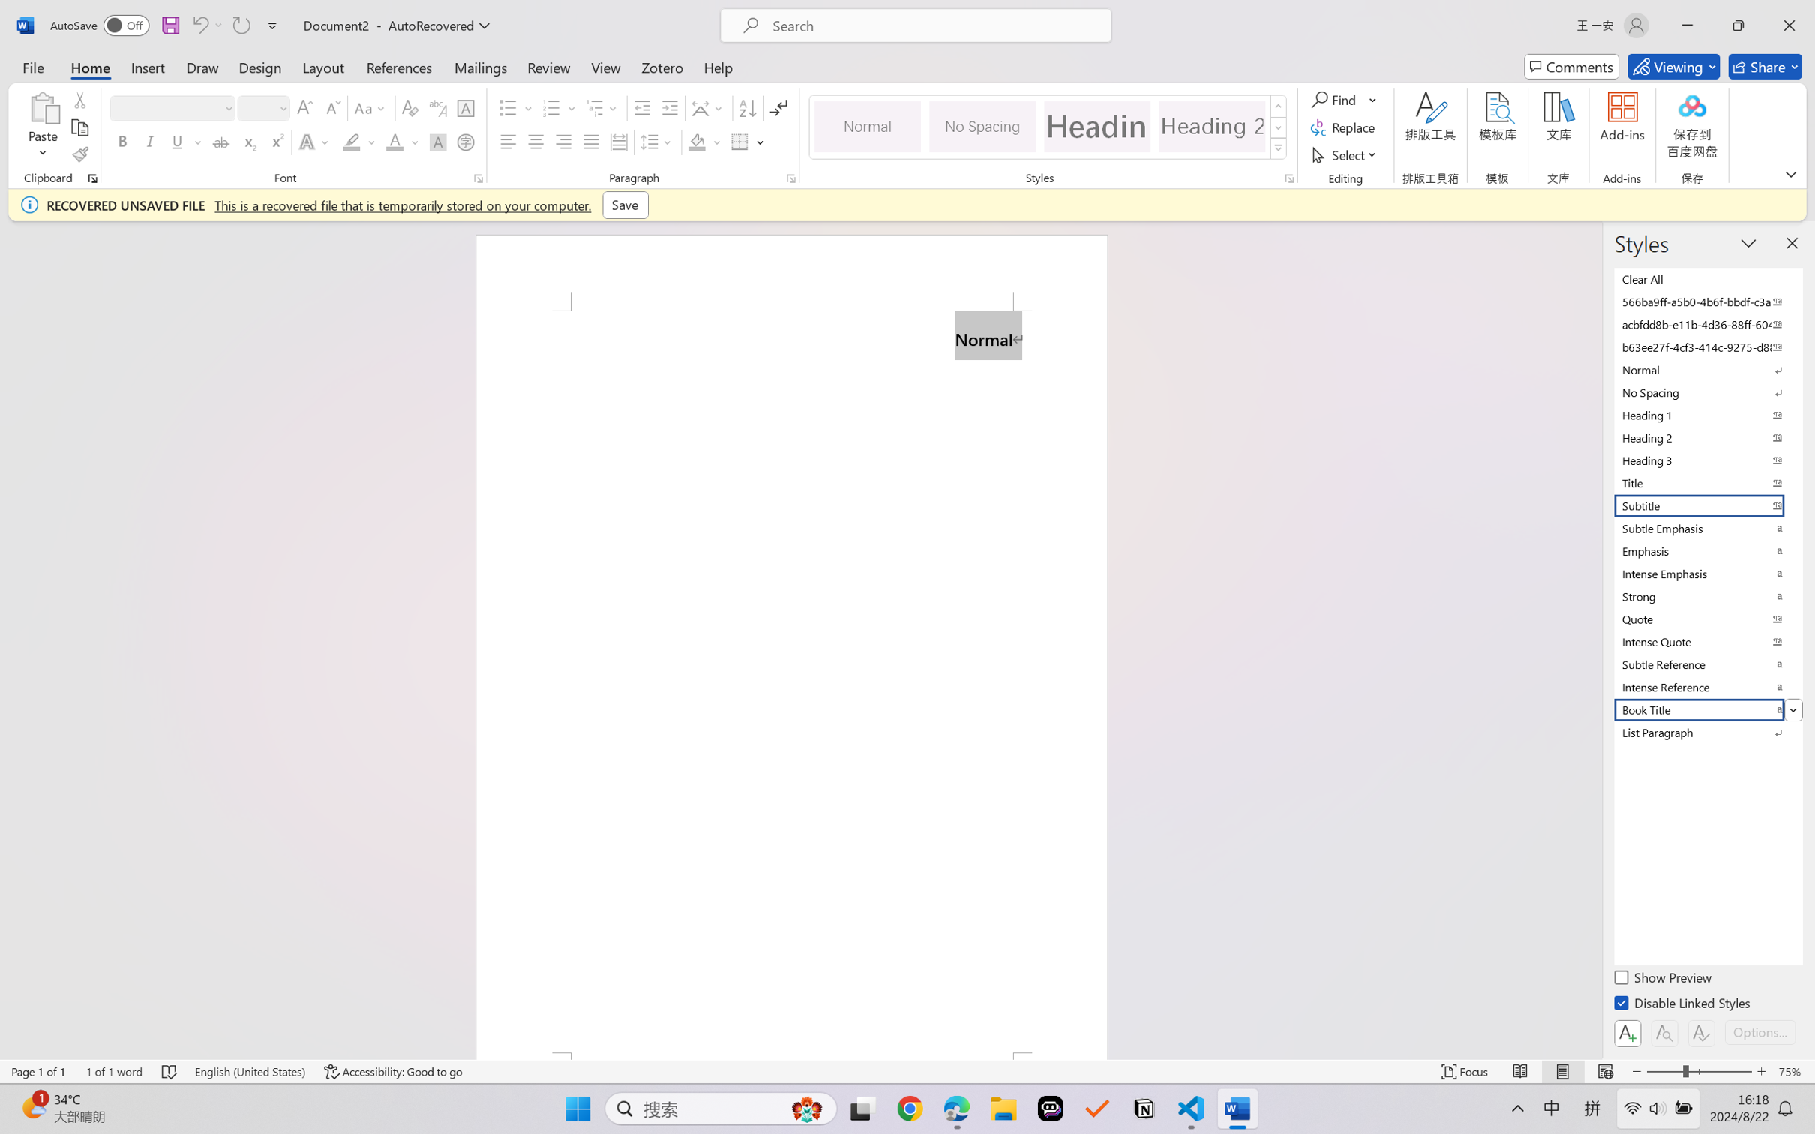 The height and width of the screenshot is (1134, 1815). I want to click on 'Strikethrough', so click(220, 141).